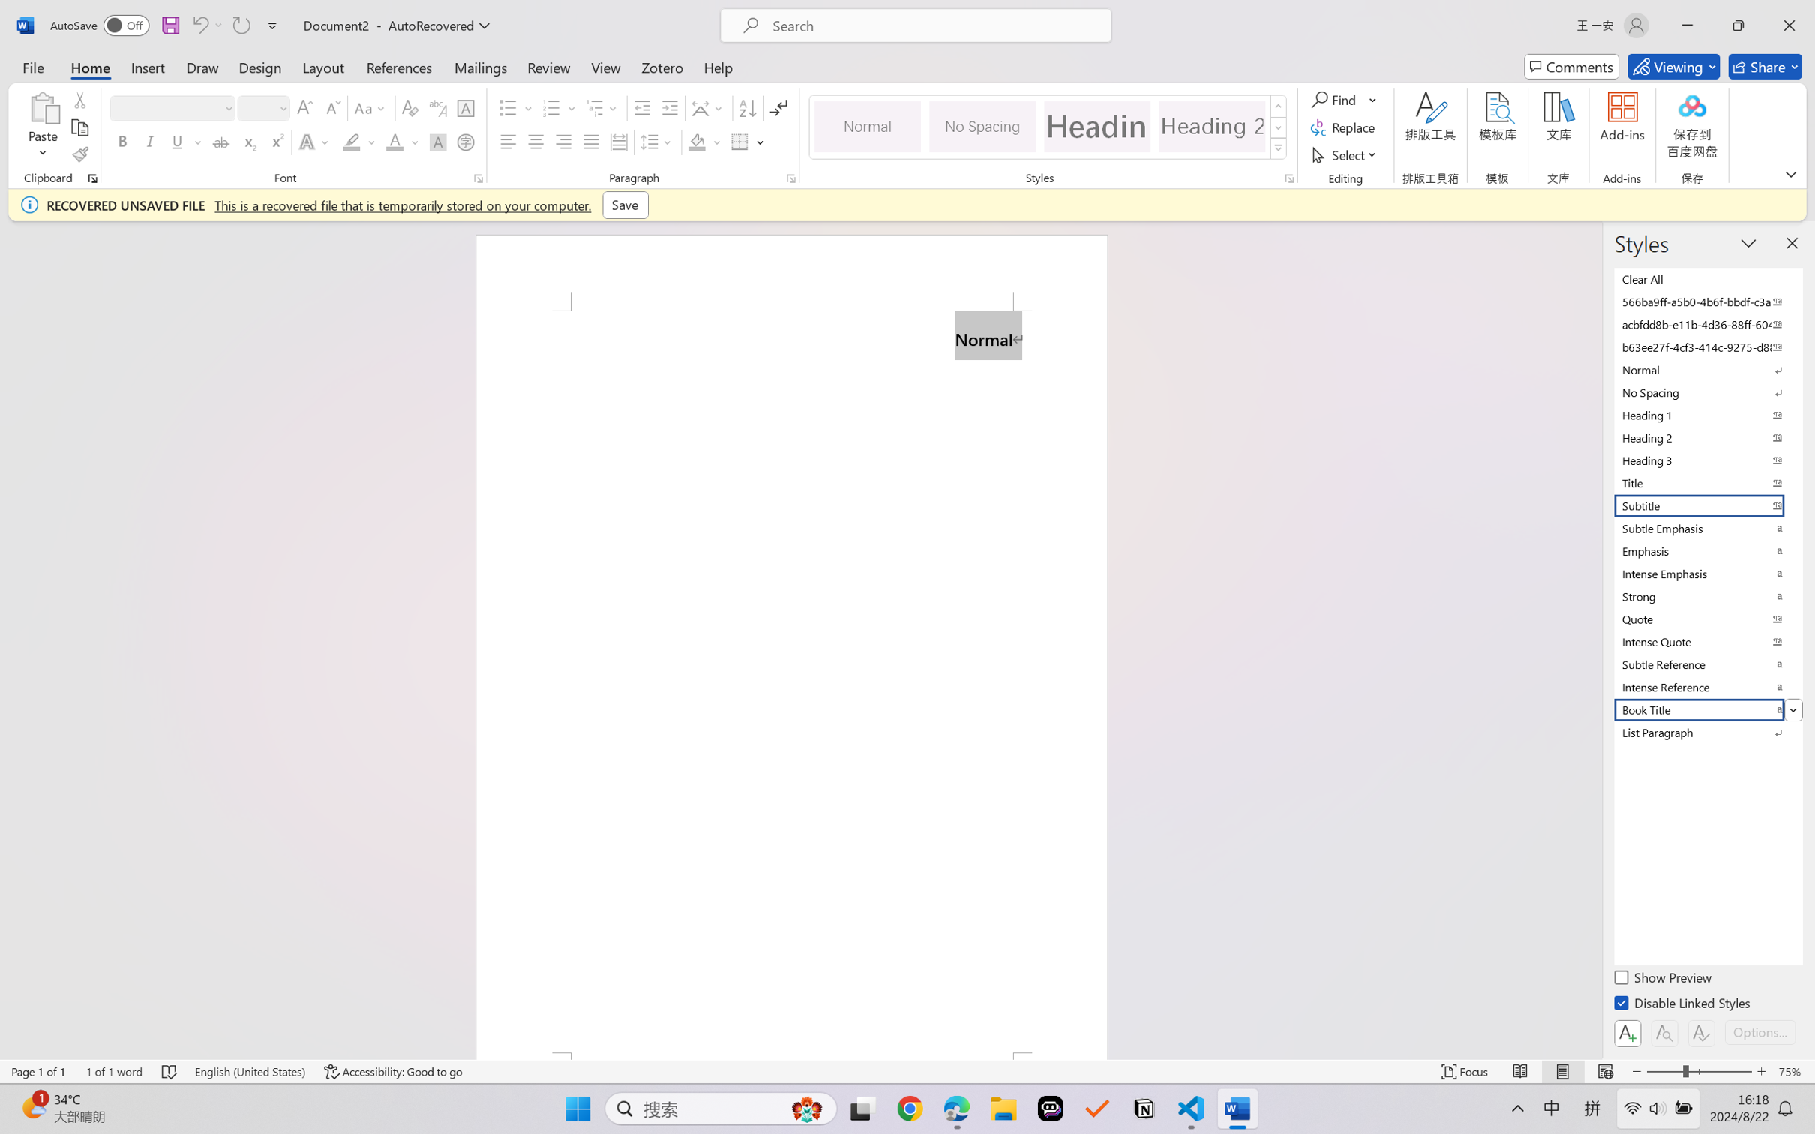 The height and width of the screenshot is (1134, 1815). I want to click on 'Strikethrough', so click(220, 141).